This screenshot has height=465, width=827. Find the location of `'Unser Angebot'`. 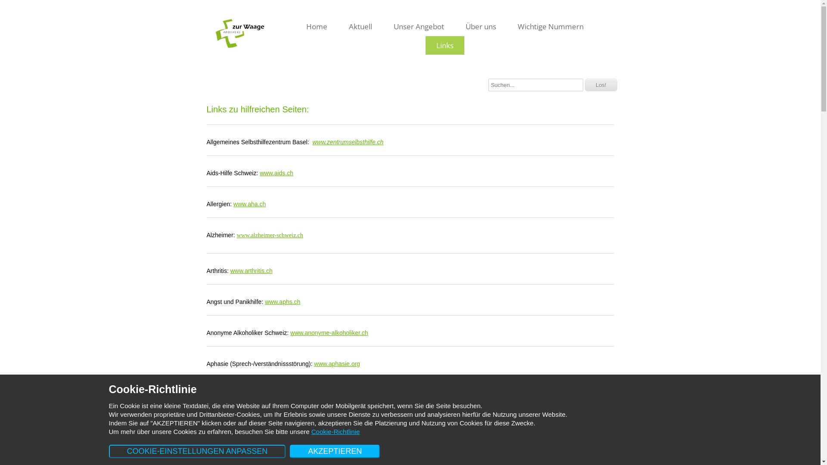

'Unser Angebot' is located at coordinates (419, 26).